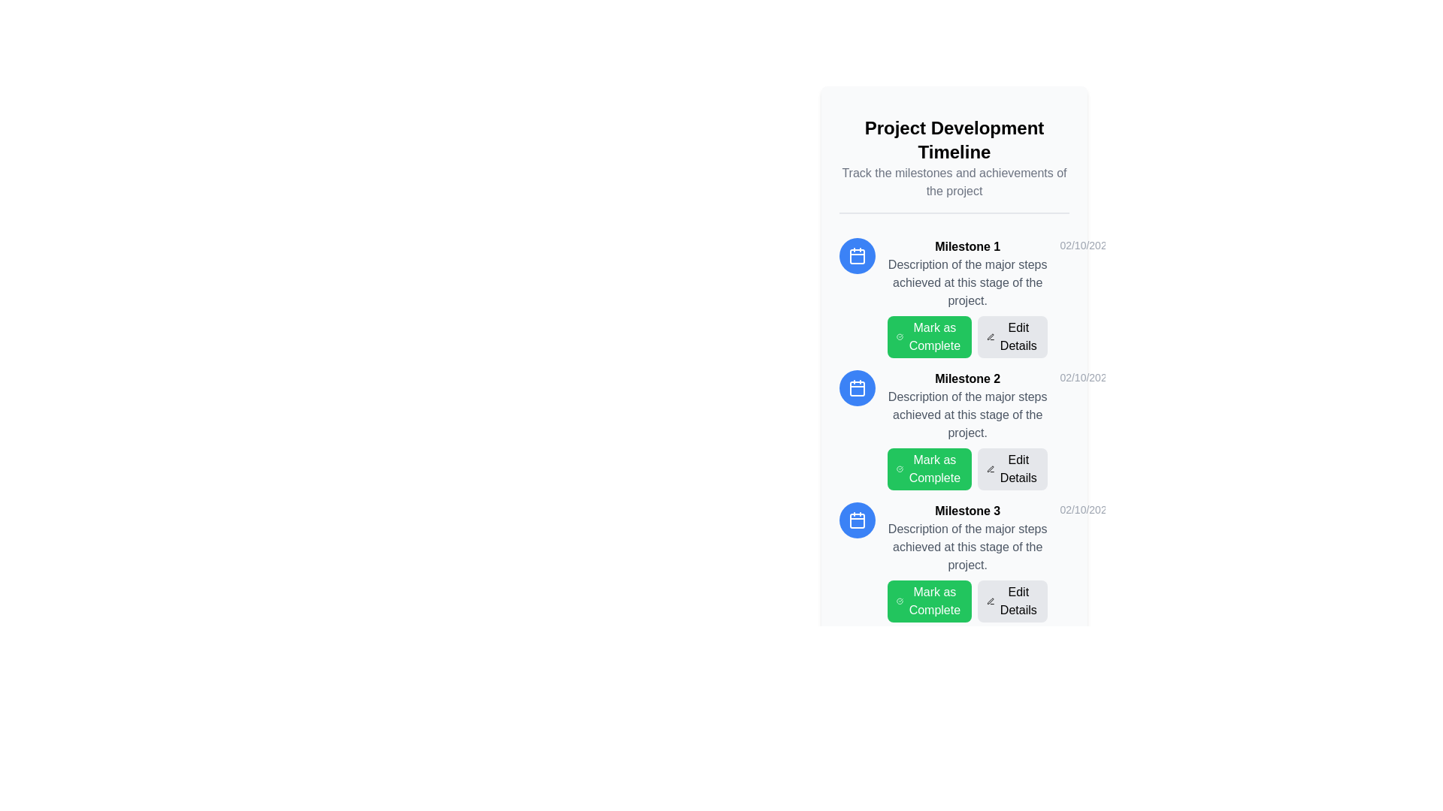 The width and height of the screenshot is (1443, 811). What do you see at coordinates (1013, 468) in the screenshot?
I see `the 'Edit Details' button with a light gray background and a pen icon, located to the right of the 'Mark as Complete' button, associated with the second milestone entry` at bounding box center [1013, 468].